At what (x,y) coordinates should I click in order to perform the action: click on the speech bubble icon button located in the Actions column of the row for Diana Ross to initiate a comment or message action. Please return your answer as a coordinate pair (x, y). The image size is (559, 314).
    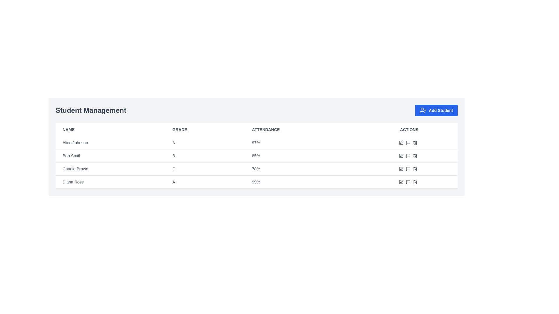
    Looking at the image, I should click on (408, 181).